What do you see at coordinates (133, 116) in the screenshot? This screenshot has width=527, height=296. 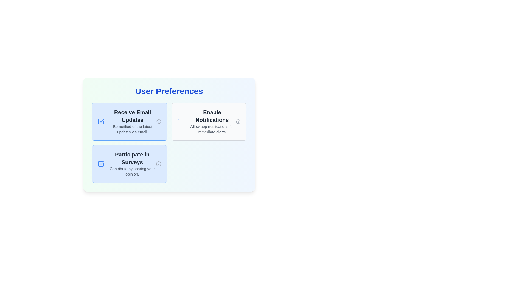 I see `the Text label that serves as a title or header for a preference option, located in the upper-left card within a grid of preference options` at bounding box center [133, 116].